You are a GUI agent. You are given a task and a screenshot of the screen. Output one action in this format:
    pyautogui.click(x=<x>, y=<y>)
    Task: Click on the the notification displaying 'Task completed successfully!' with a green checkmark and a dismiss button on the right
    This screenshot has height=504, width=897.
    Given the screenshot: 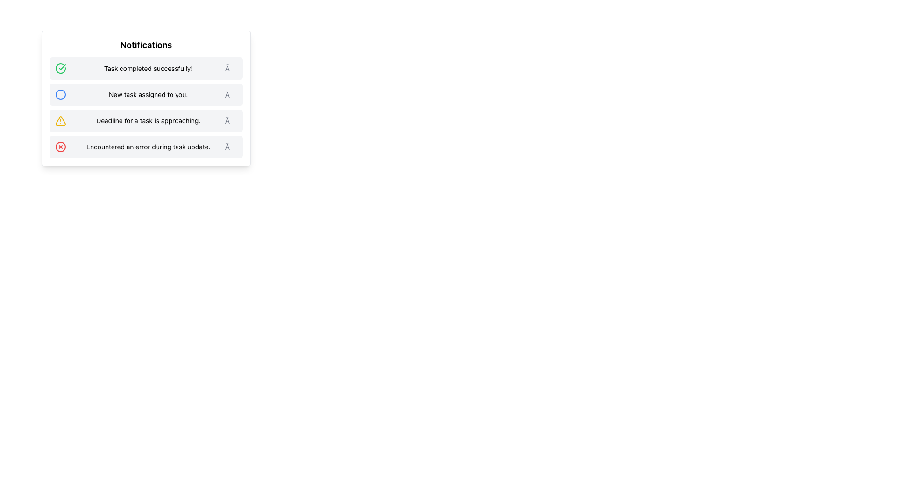 What is the action you would take?
    pyautogui.click(x=145, y=68)
    